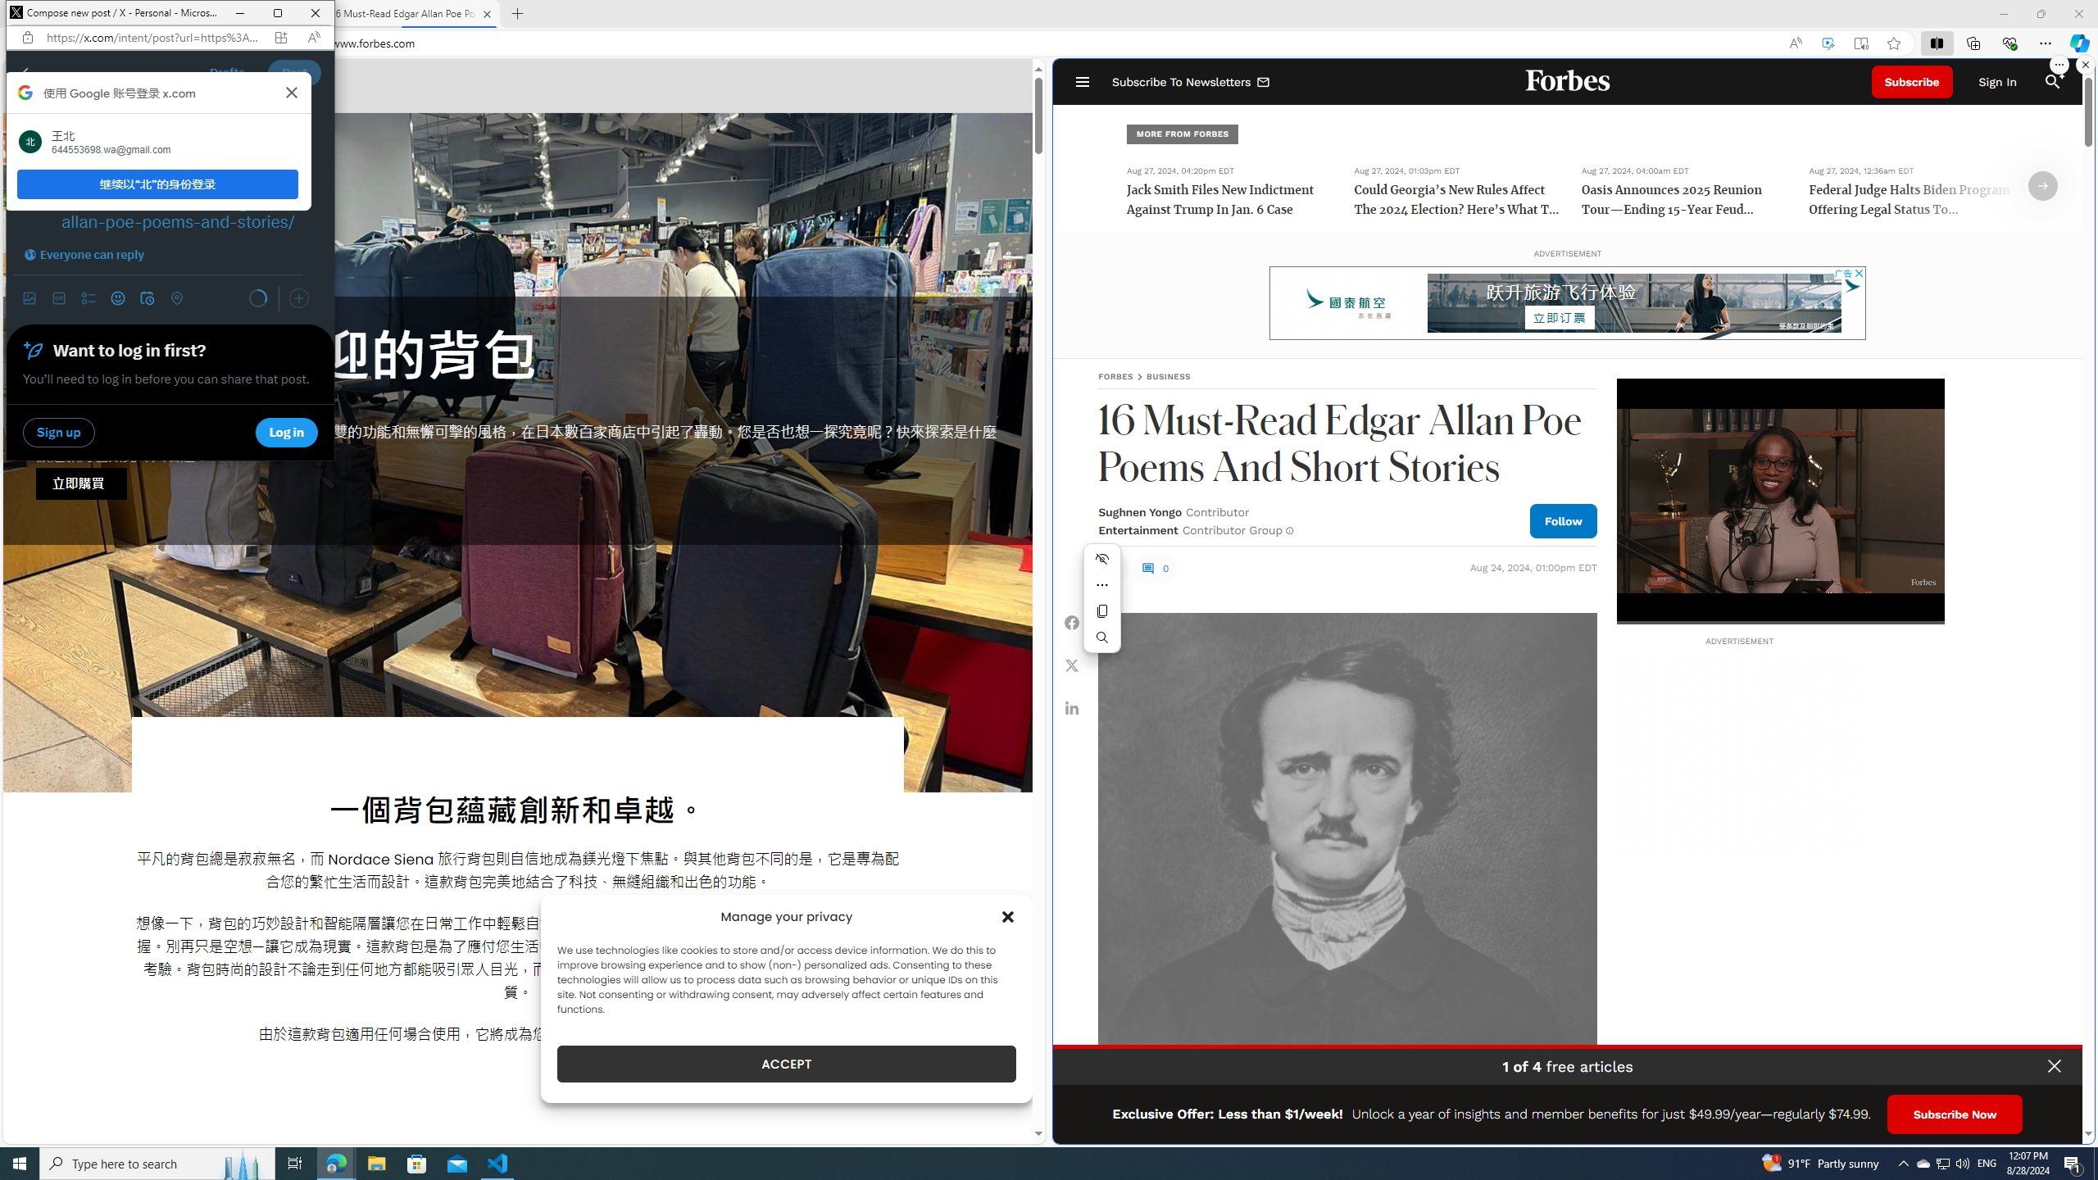  I want to click on 'Action Center, 1 new notification', so click(2073, 1162).